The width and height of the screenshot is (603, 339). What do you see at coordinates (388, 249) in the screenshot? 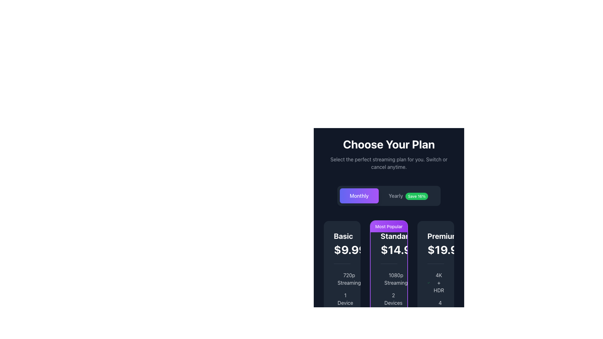
I see `the pricing detail text label for the 'Standard' plan, which is visually distinct and located beneath the 'Standard' label within the pricing card` at bounding box center [388, 249].